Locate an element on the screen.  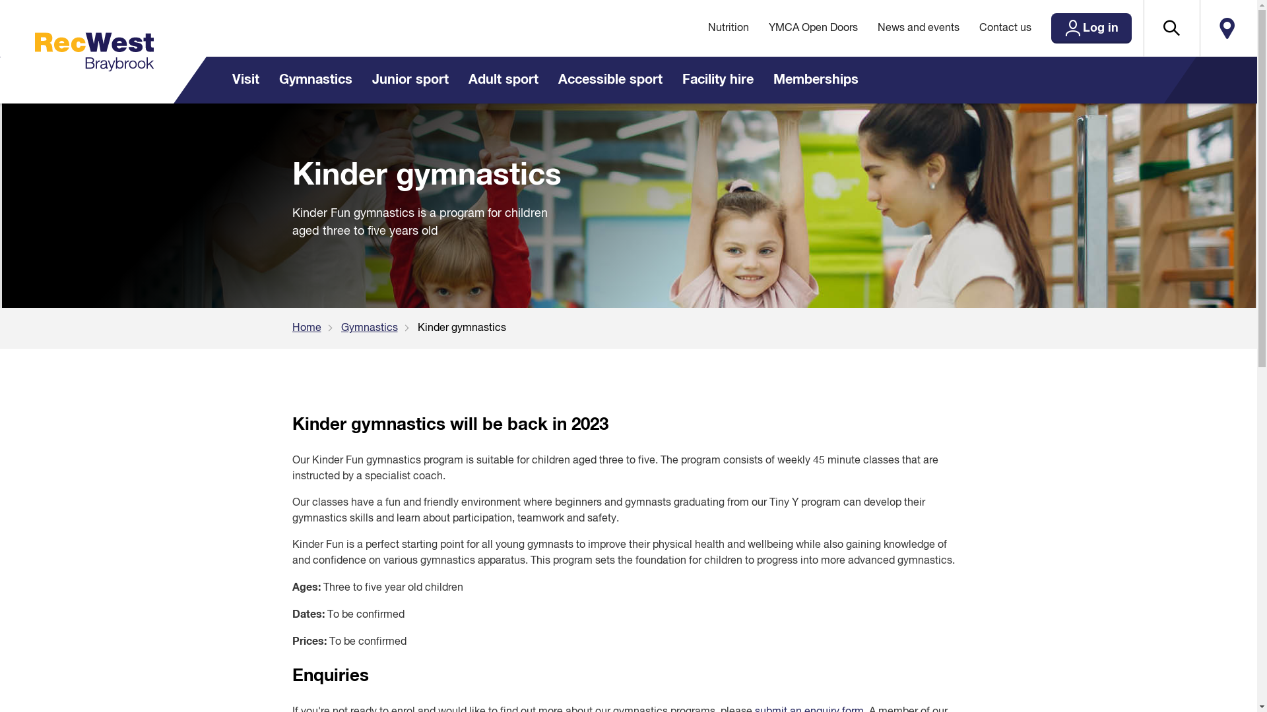
'Facility hire' is located at coordinates (716, 80).